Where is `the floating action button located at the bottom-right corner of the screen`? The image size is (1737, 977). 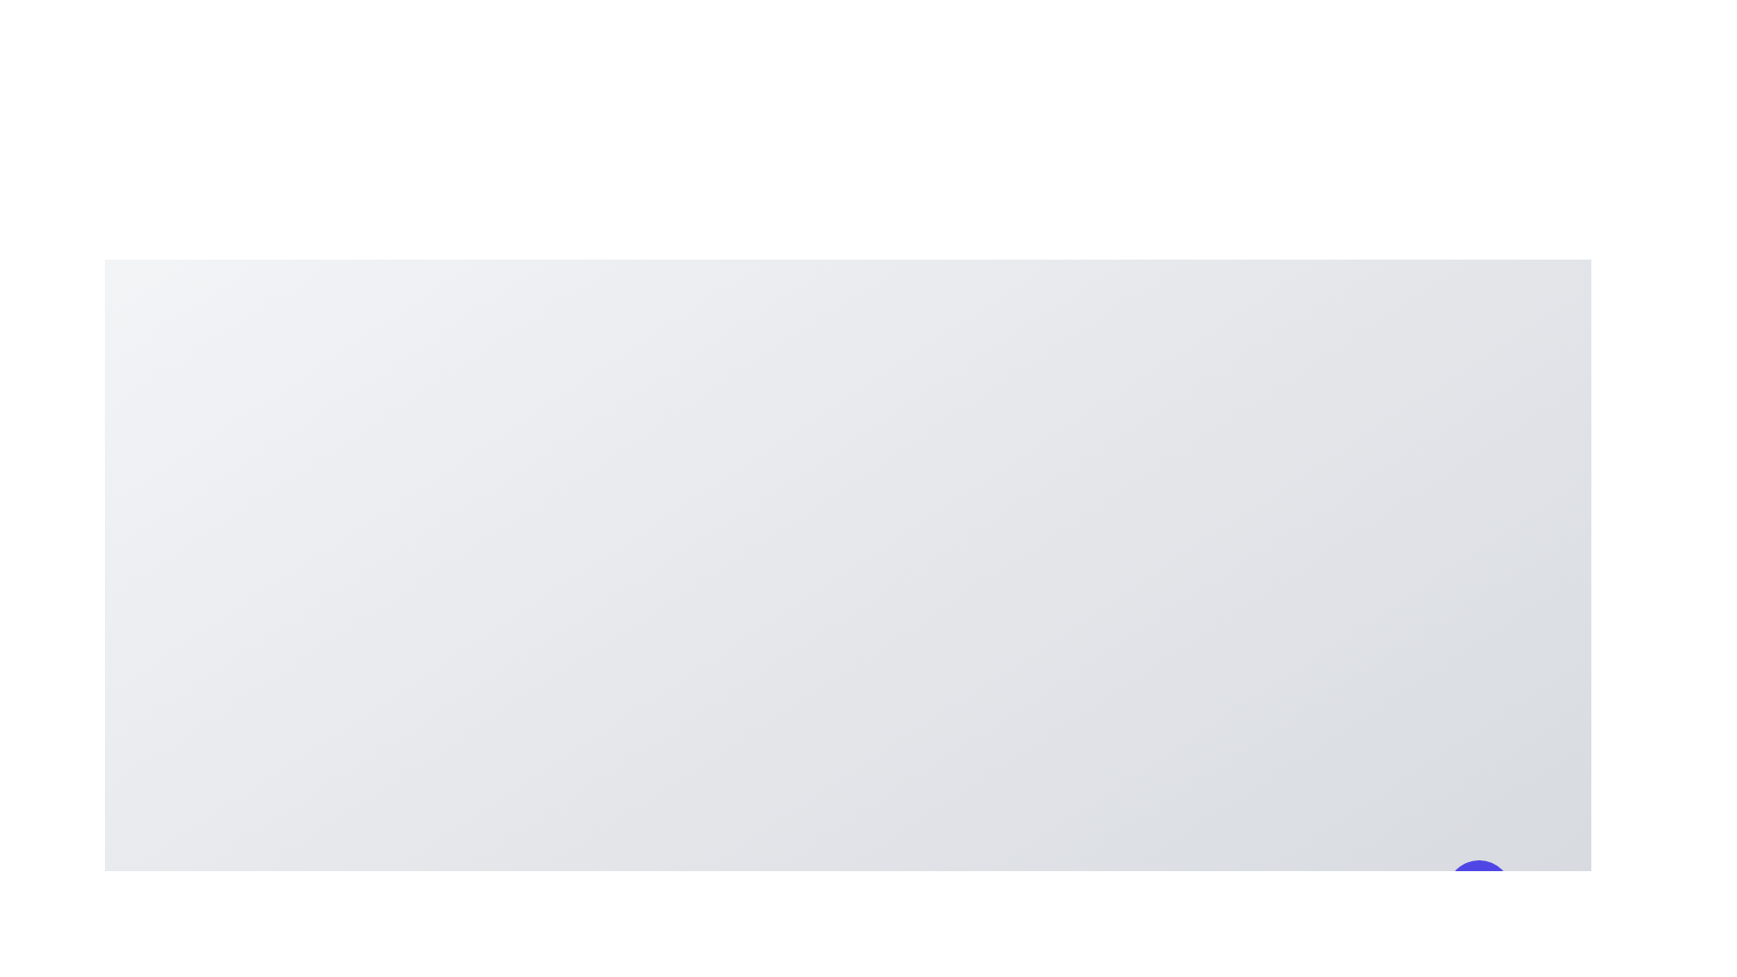 the floating action button located at the bottom-right corner of the screen is located at coordinates (1478, 892).